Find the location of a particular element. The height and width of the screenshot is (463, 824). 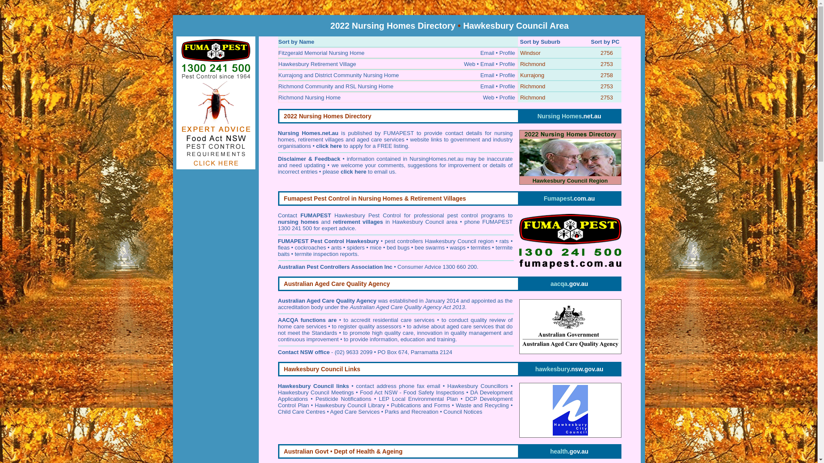

'Hawkesbury Council Links' is located at coordinates (321, 369).